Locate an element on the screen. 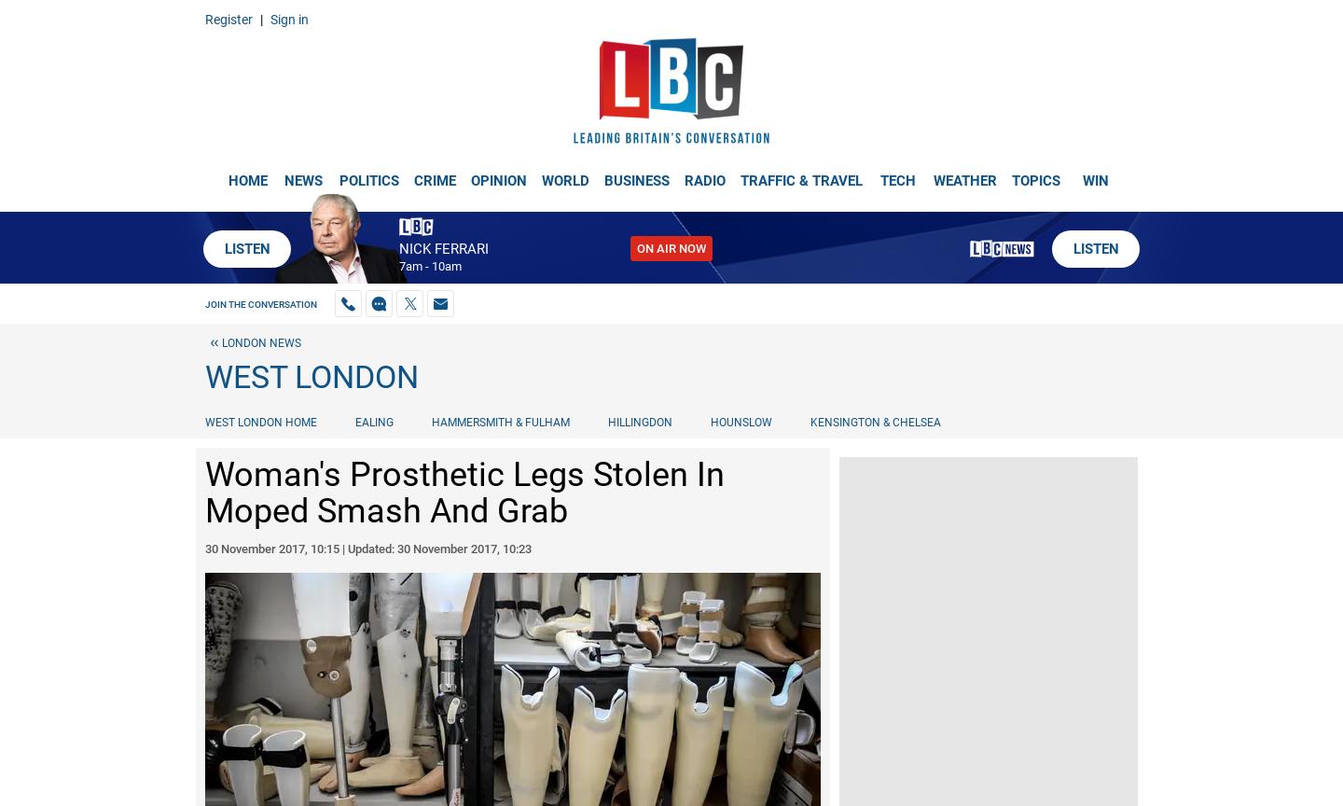 This screenshot has height=806, width=1343. 'West London' is located at coordinates (312, 374).